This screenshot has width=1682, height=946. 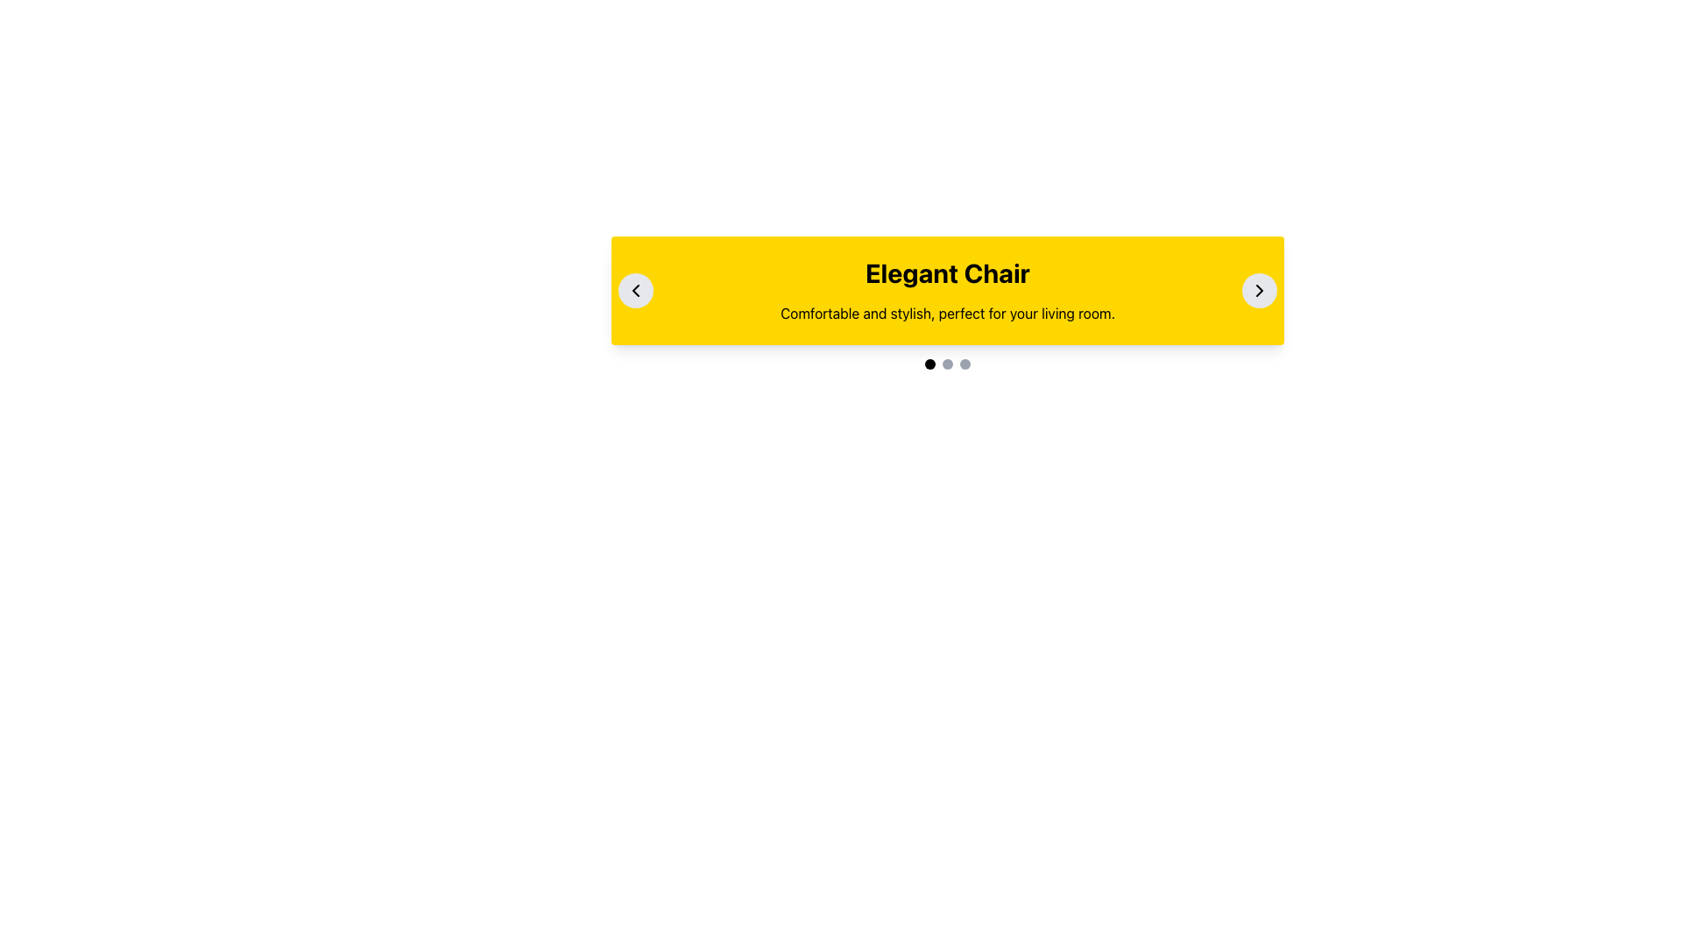 I want to click on the static text header element located at the top center of the yellow rectangular card, which serves as the title of the product or feature, so click(x=946, y=273).